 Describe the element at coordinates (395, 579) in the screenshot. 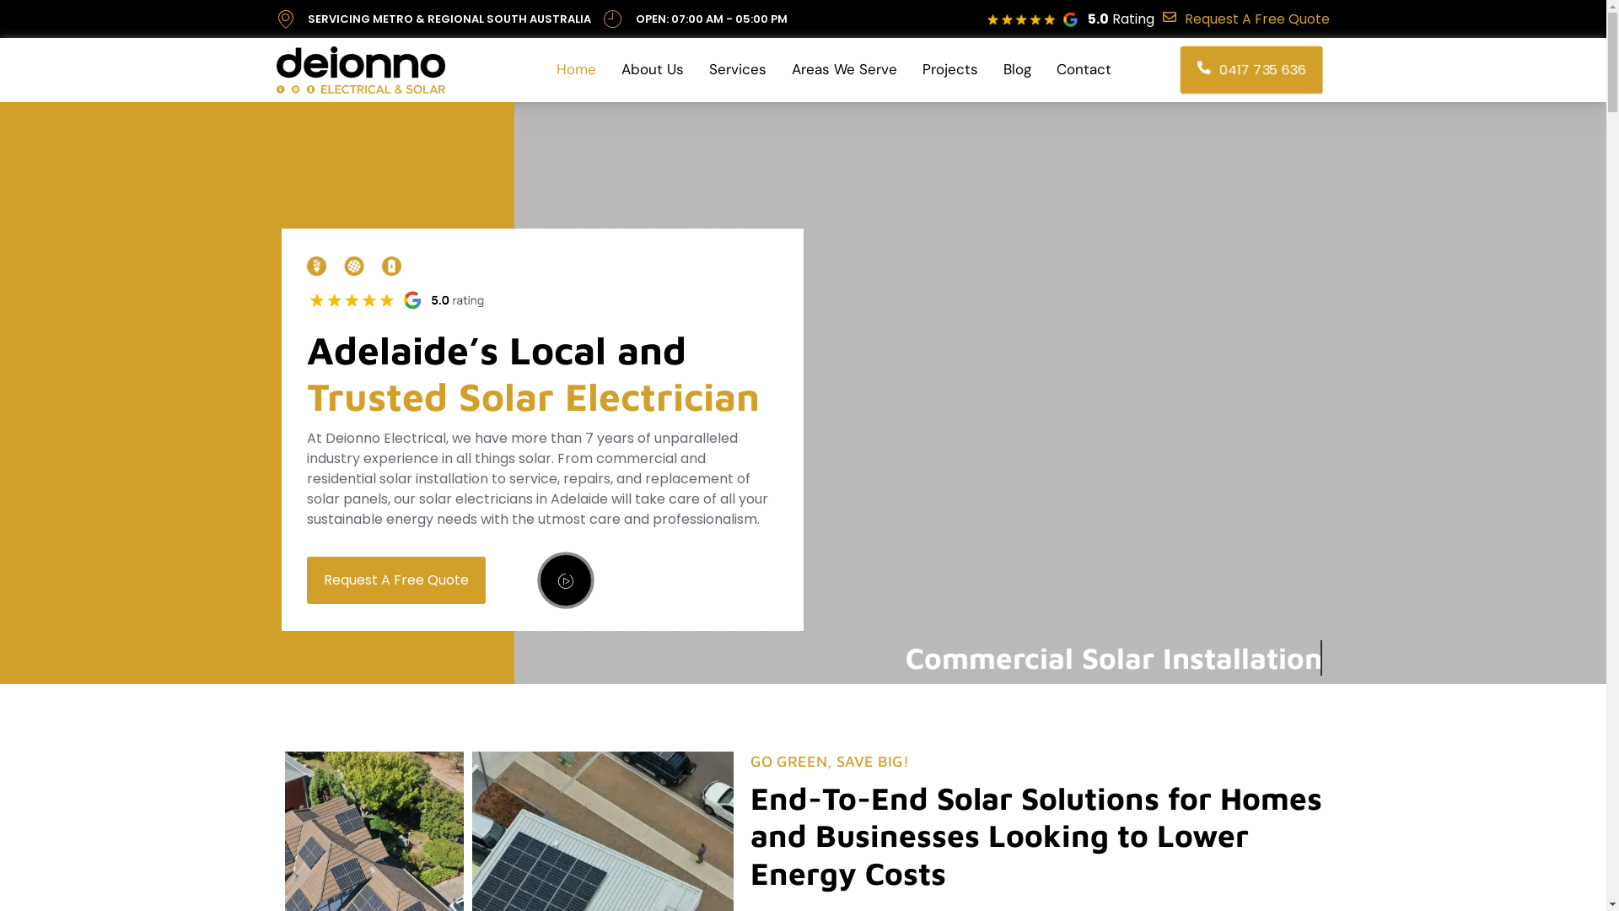

I see `'Request A Free Quote'` at that location.